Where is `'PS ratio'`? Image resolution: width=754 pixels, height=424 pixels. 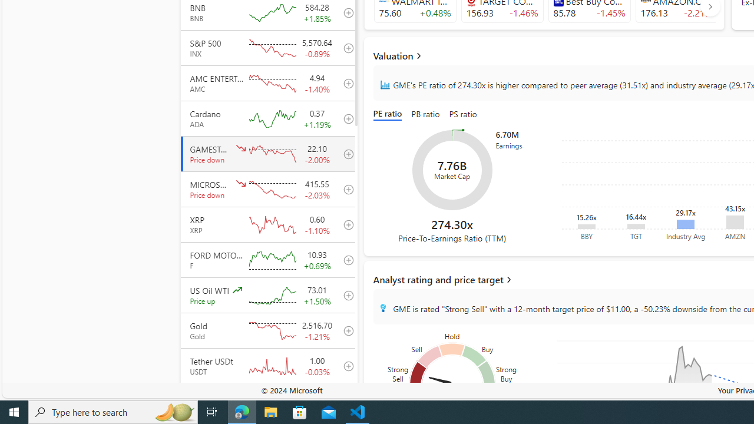
'PS ratio' is located at coordinates (462, 115).